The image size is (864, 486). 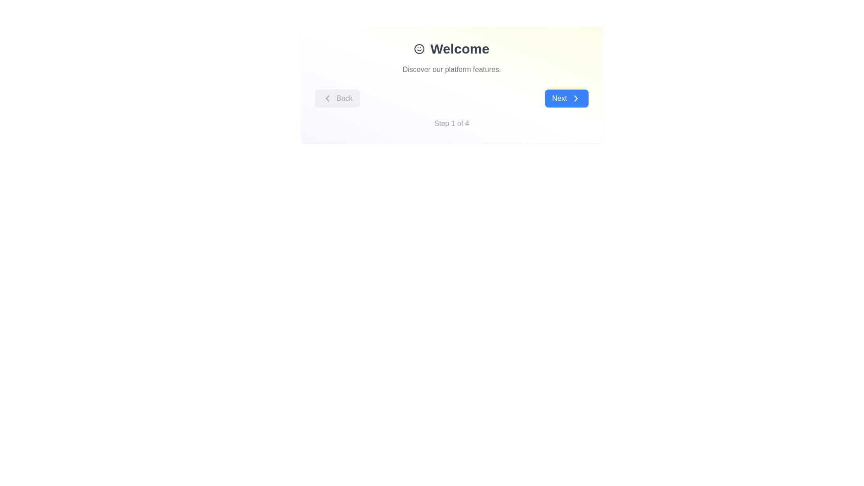 What do you see at coordinates (327, 99) in the screenshot?
I see `the left-pointing chevron arrow inside the 'Back' button` at bounding box center [327, 99].